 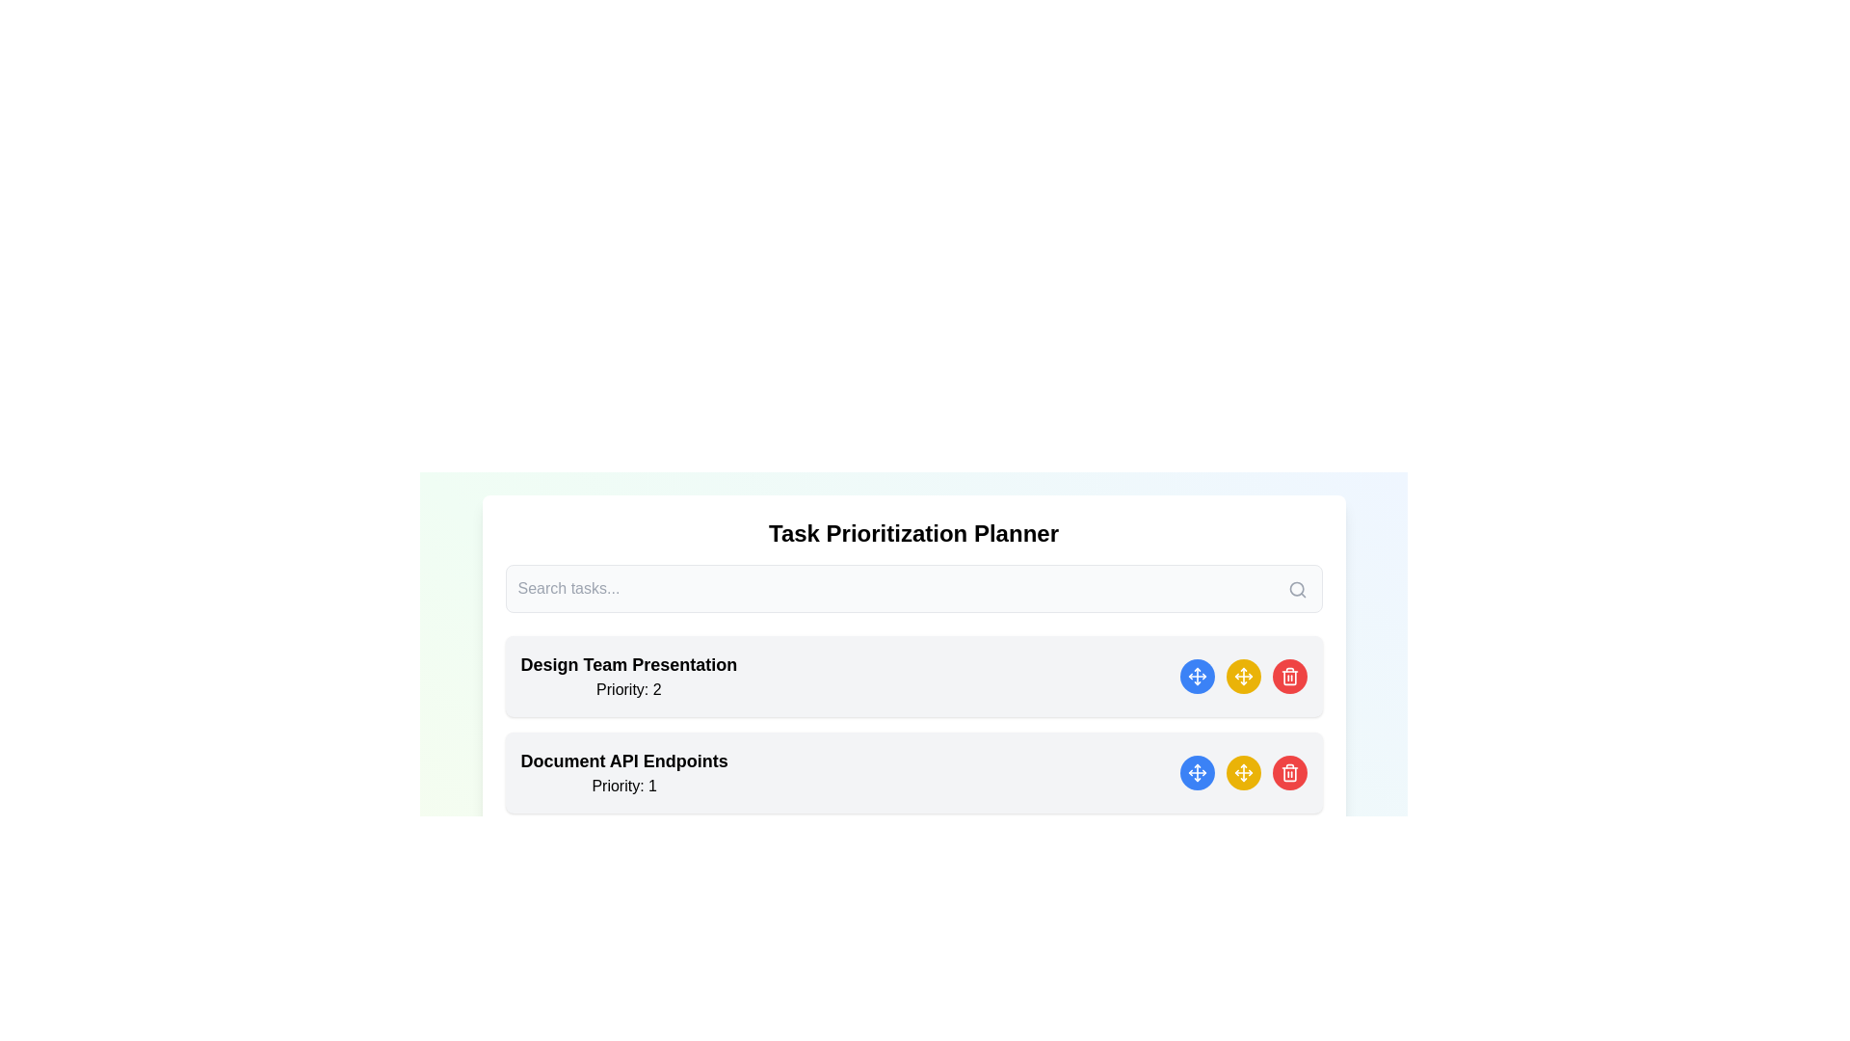 I want to click on the circular red button with a white trash can icon, which is the third icon in the 'Design Team Presentation' controls, so click(x=1289, y=676).